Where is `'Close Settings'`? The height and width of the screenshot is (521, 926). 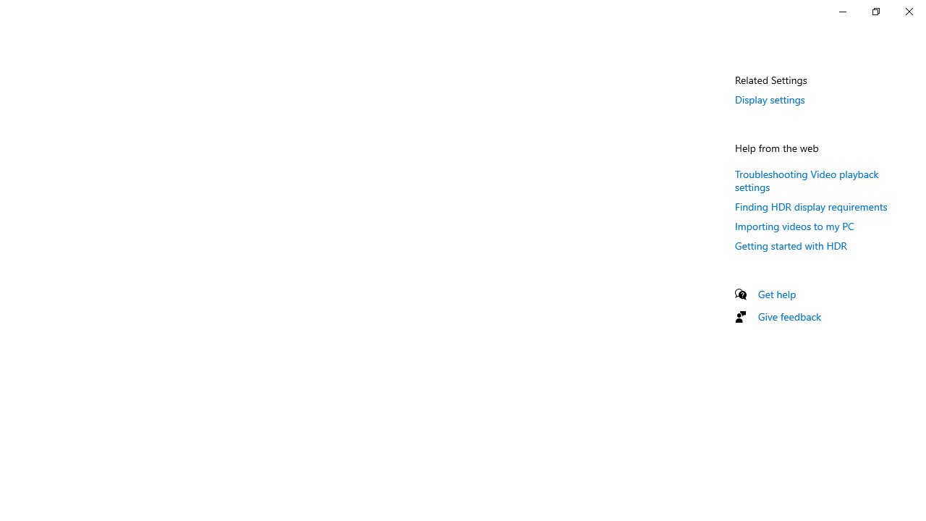
'Close Settings' is located at coordinates (908, 11).